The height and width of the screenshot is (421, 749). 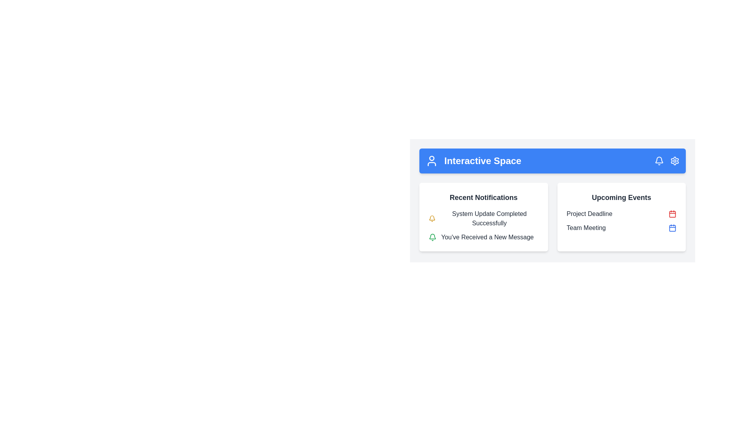 What do you see at coordinates (658, 160) in the screenshot?
I see `the notification bell icon, which is a modern line design with a blue background and white outline, located to the left of the gear icon in the title bar labeled 'Interactive Space'` at bounding box center [658, 160].